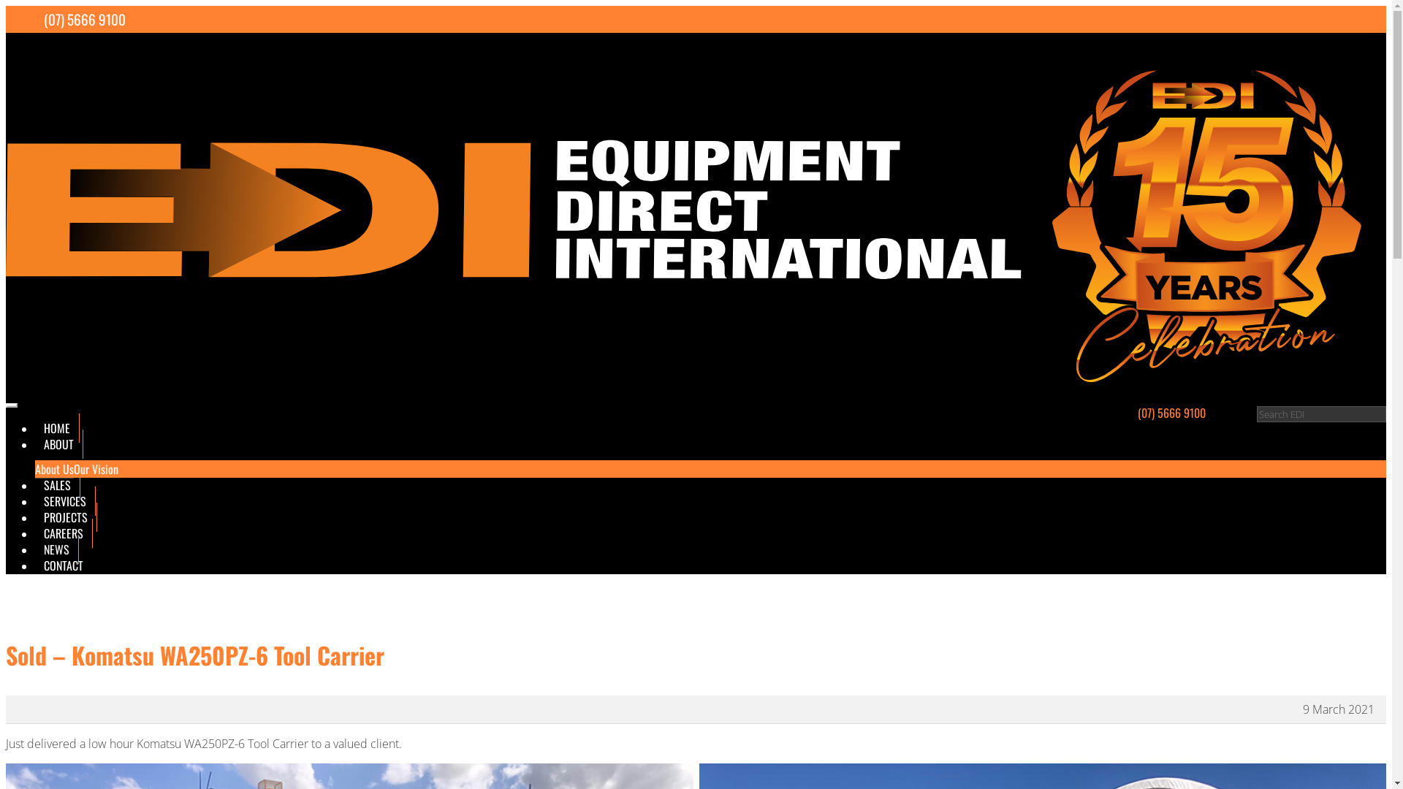 This screenshot has height=789, width=1403. Describe the element at coordinates (95, 468) in the screenshot. I see `'Our Vision'` at that location.